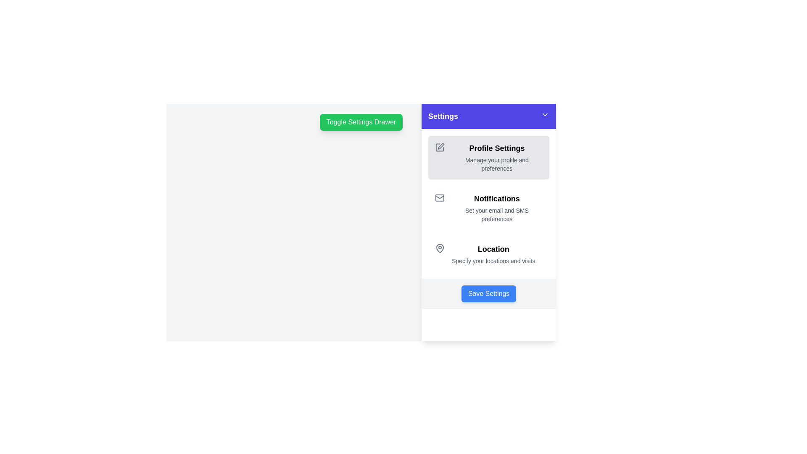  Describe the element at coordinates (488, 254) in the screenshot. I see `the third menu entry for location settings, located in the lower portion of the menu panel on the right side, below 'Notifications' and above 'Save Settings'` at that location.